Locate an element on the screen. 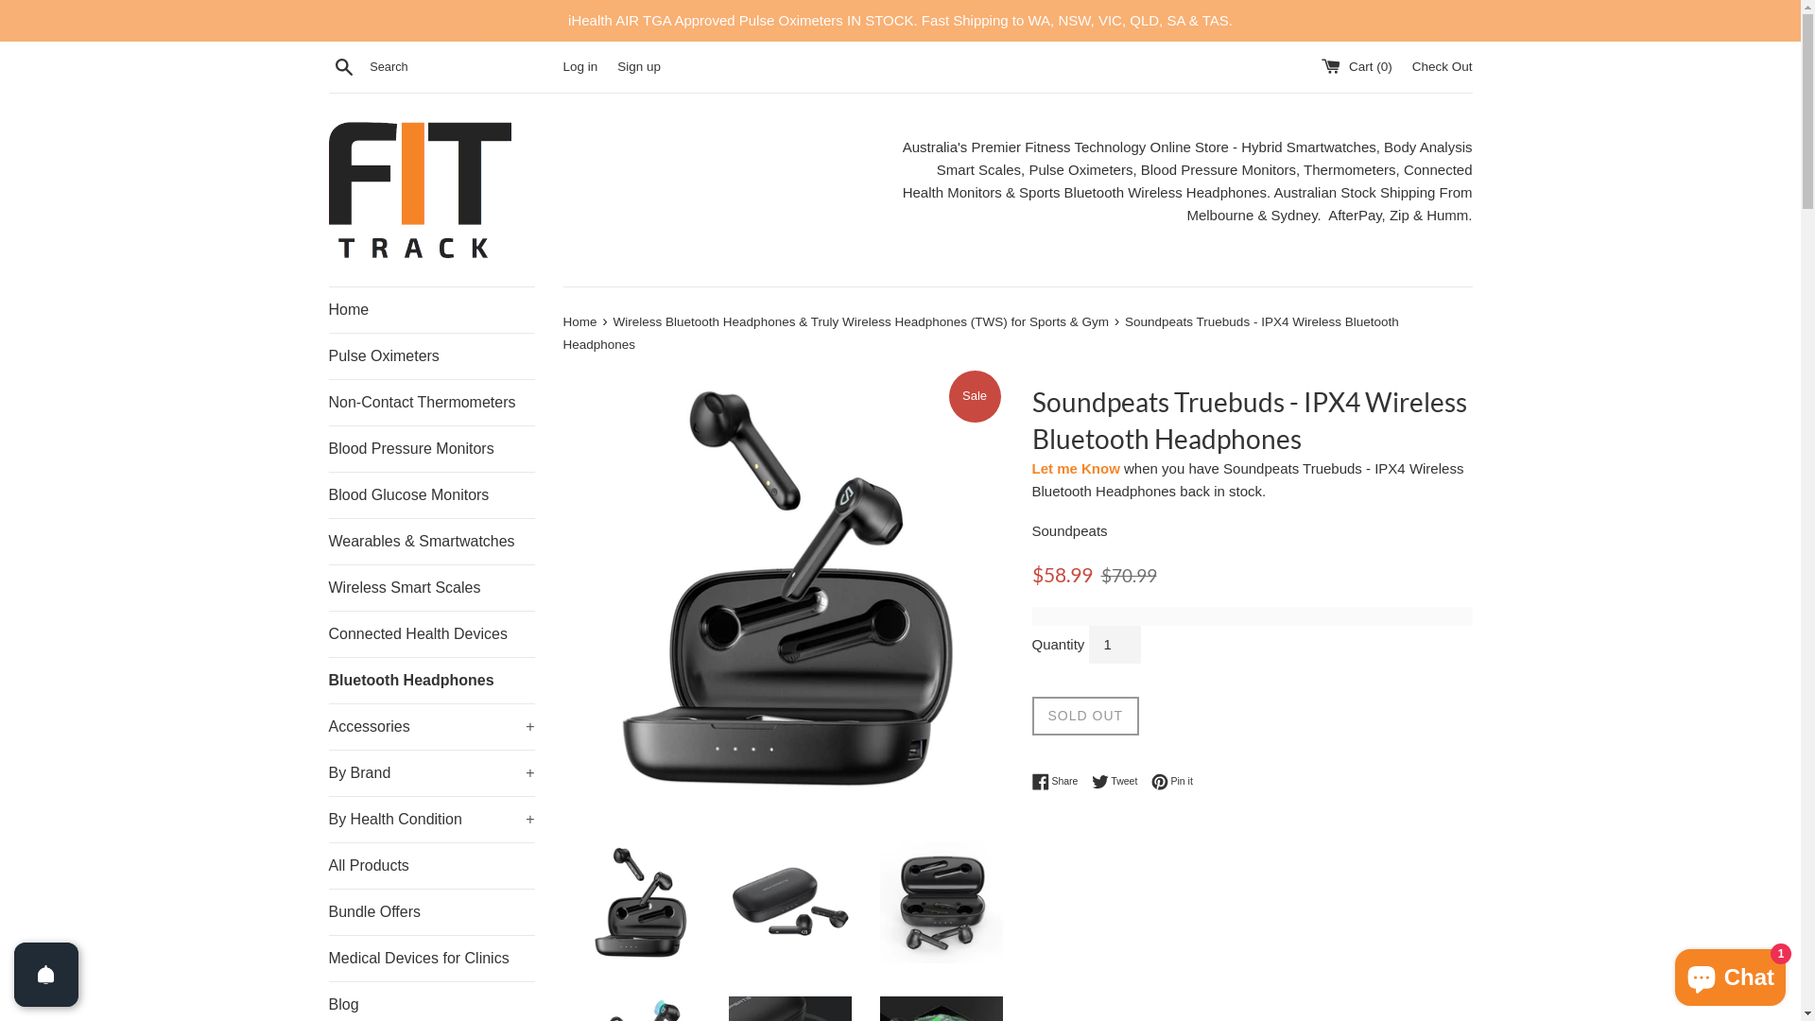 The width and height of the screenshot is (1815, 1021). 'By Brand is located at coordinates (430, 772).